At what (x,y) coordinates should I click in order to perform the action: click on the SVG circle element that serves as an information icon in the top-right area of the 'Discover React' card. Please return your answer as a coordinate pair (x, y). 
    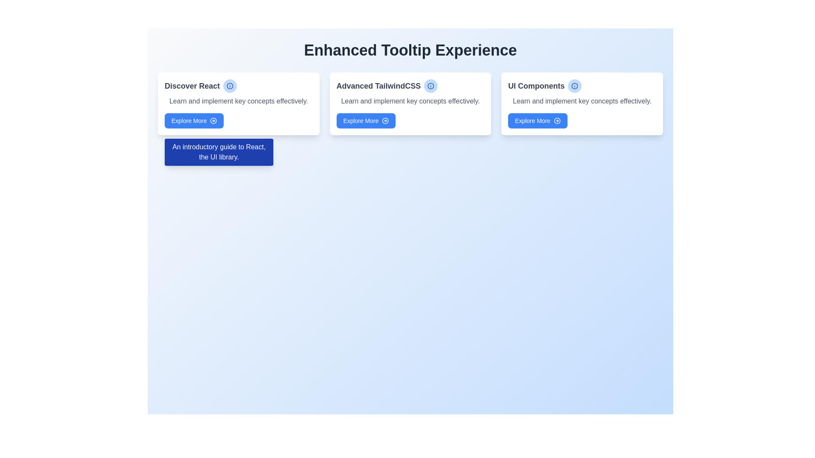
    Looking at the image, I should click on (230, 86).